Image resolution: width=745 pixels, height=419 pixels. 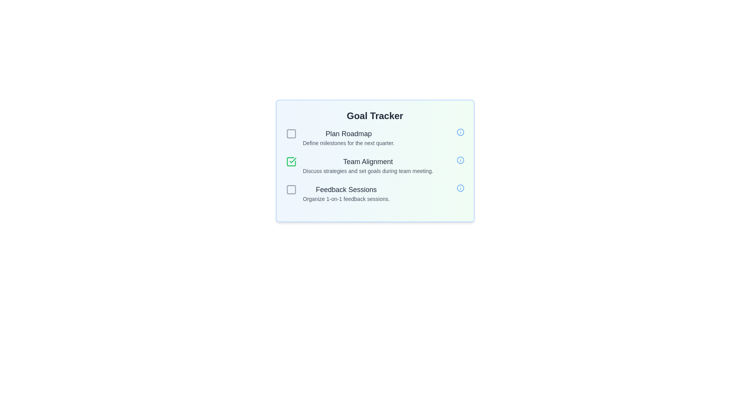 I want to click on the 'Feedback Sessions' text label, which is prominently displayed in dark gray with a larger font size and medium font weight, located in the 'Goal Tracker' section, so click(x=346, y=190).